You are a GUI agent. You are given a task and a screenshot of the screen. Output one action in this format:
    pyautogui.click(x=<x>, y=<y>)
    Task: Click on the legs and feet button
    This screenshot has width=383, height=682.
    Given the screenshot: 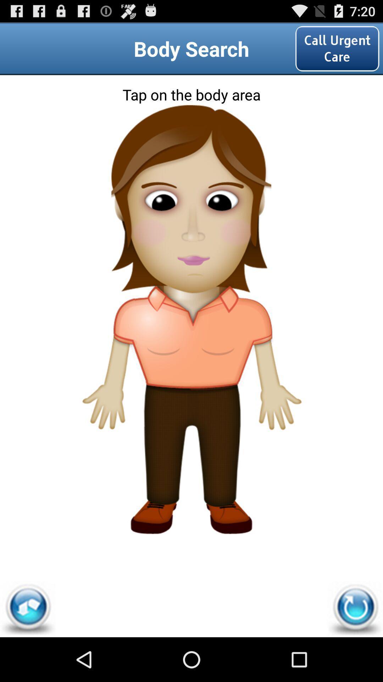 What is the action you would take?
    pyautogui.click(x=191, y=481)
    